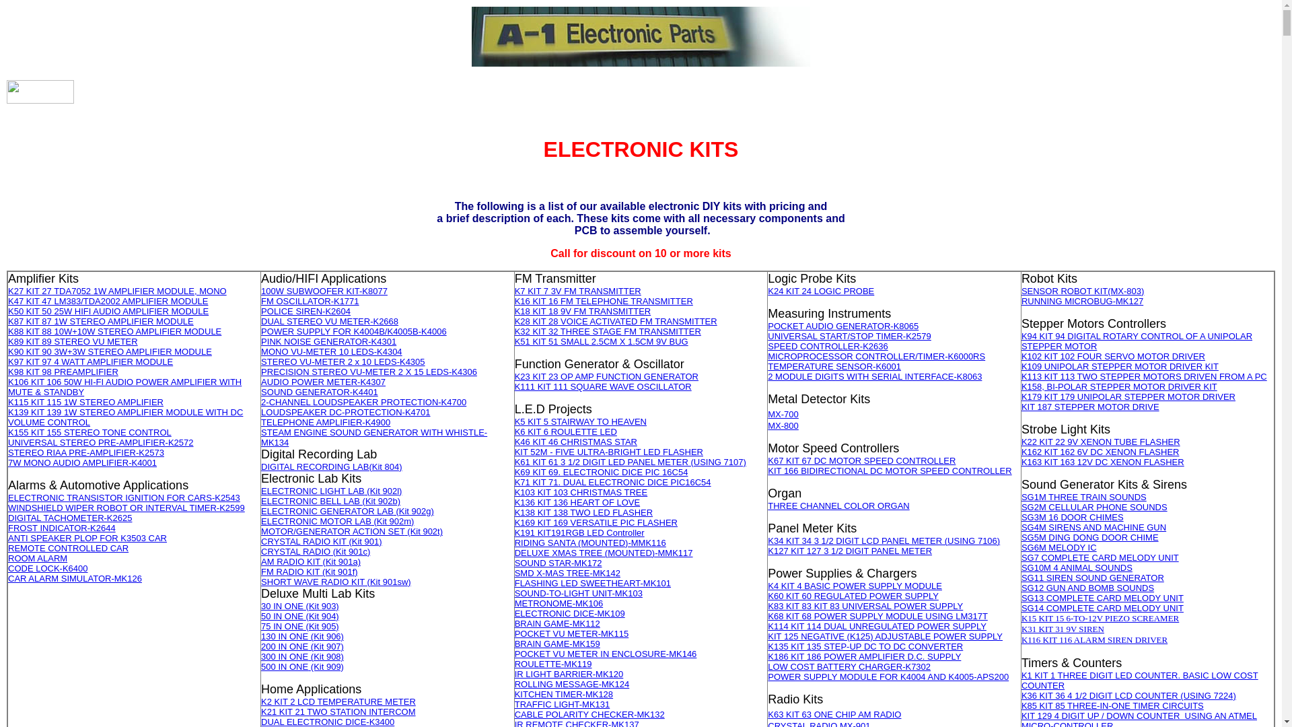  Describe the element at coordinates (820, 290) in the screenshot. I see `'K24 KIT 24 LOGIC PROBE'` at that location.